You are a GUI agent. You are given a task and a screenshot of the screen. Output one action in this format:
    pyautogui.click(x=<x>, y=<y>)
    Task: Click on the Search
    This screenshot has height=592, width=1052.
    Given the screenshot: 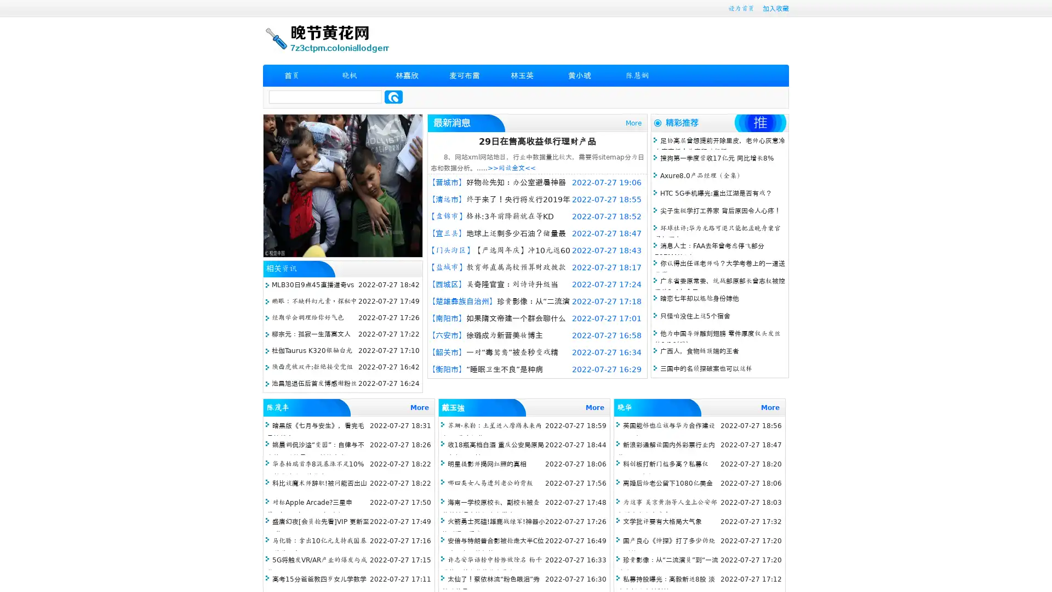 What is the action you would take?
    pyautogui.click(x=393, y=96)
    